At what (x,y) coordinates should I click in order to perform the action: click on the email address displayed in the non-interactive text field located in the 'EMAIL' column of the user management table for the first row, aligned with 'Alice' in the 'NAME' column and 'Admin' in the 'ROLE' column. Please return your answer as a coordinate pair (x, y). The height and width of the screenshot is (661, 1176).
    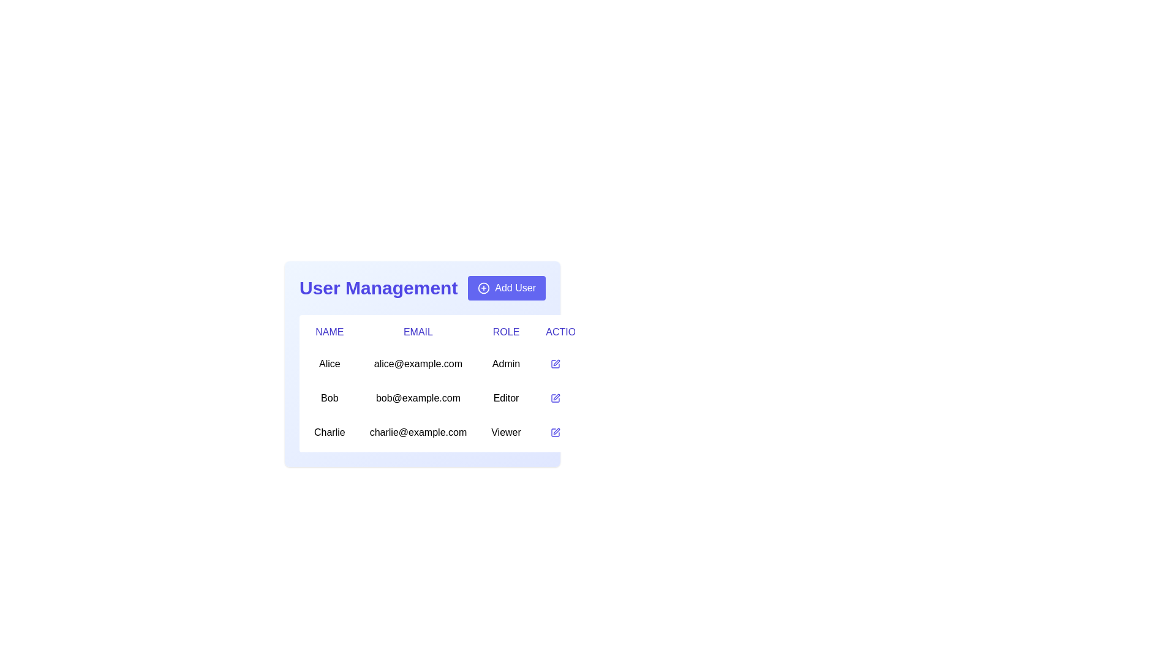
    Looking at the image, I should click on (418, 363).